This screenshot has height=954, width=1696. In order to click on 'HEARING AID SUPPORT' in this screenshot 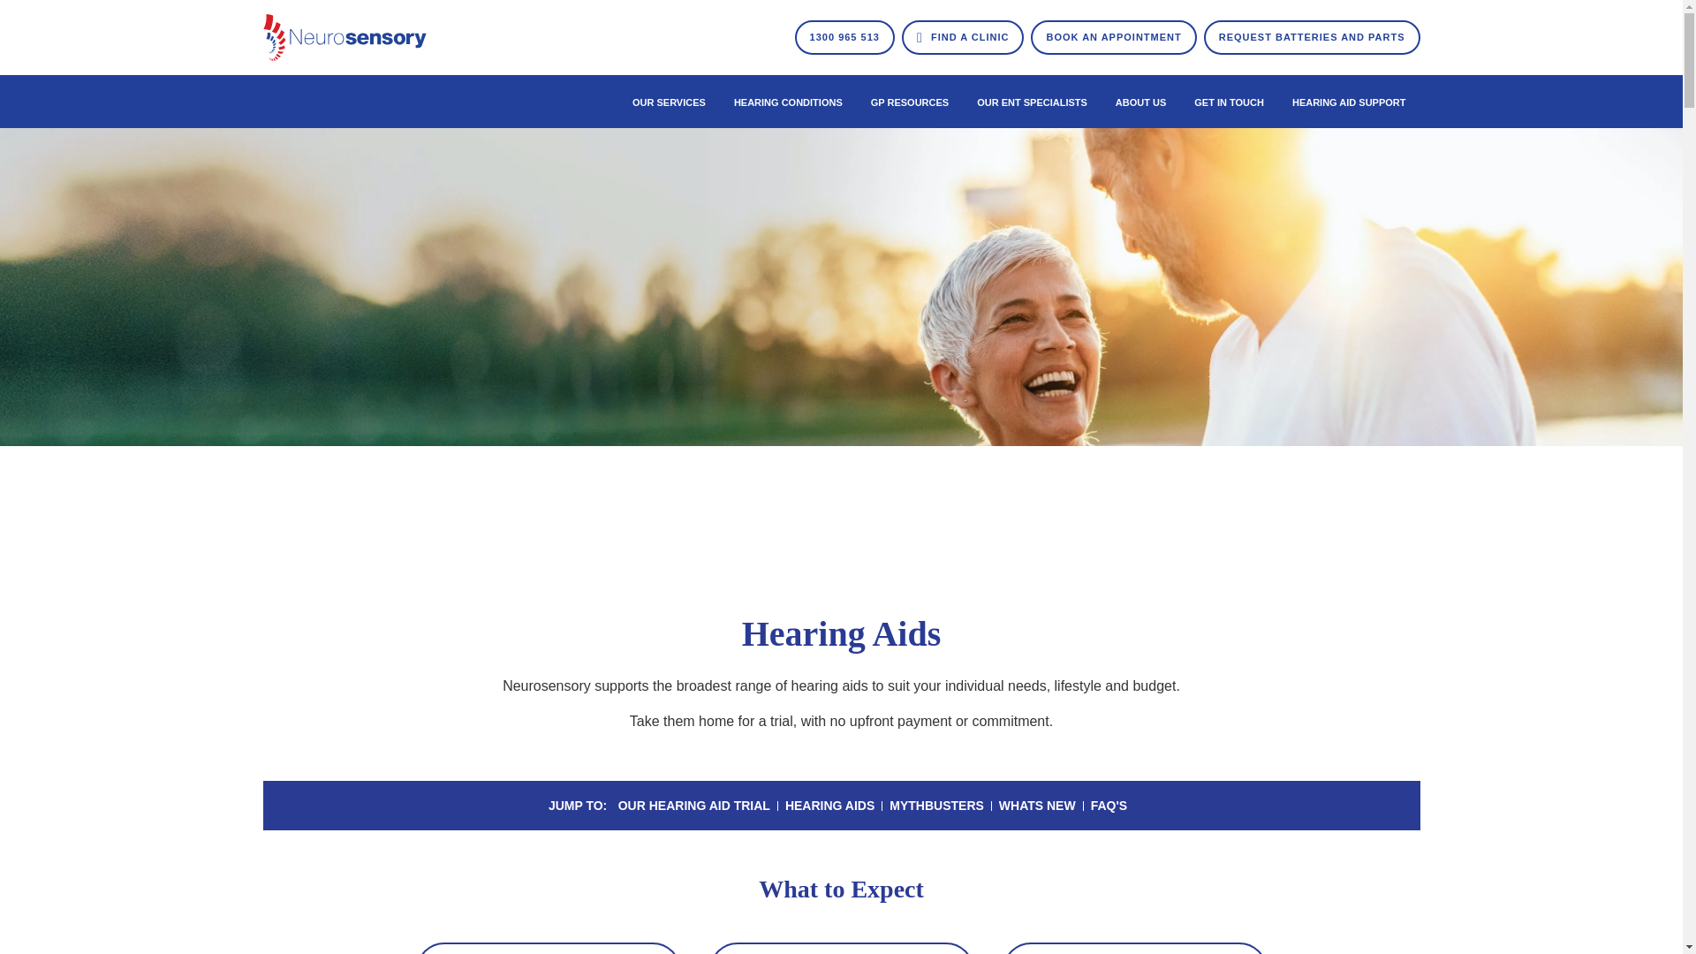, I will do `click(1348, 102)`.